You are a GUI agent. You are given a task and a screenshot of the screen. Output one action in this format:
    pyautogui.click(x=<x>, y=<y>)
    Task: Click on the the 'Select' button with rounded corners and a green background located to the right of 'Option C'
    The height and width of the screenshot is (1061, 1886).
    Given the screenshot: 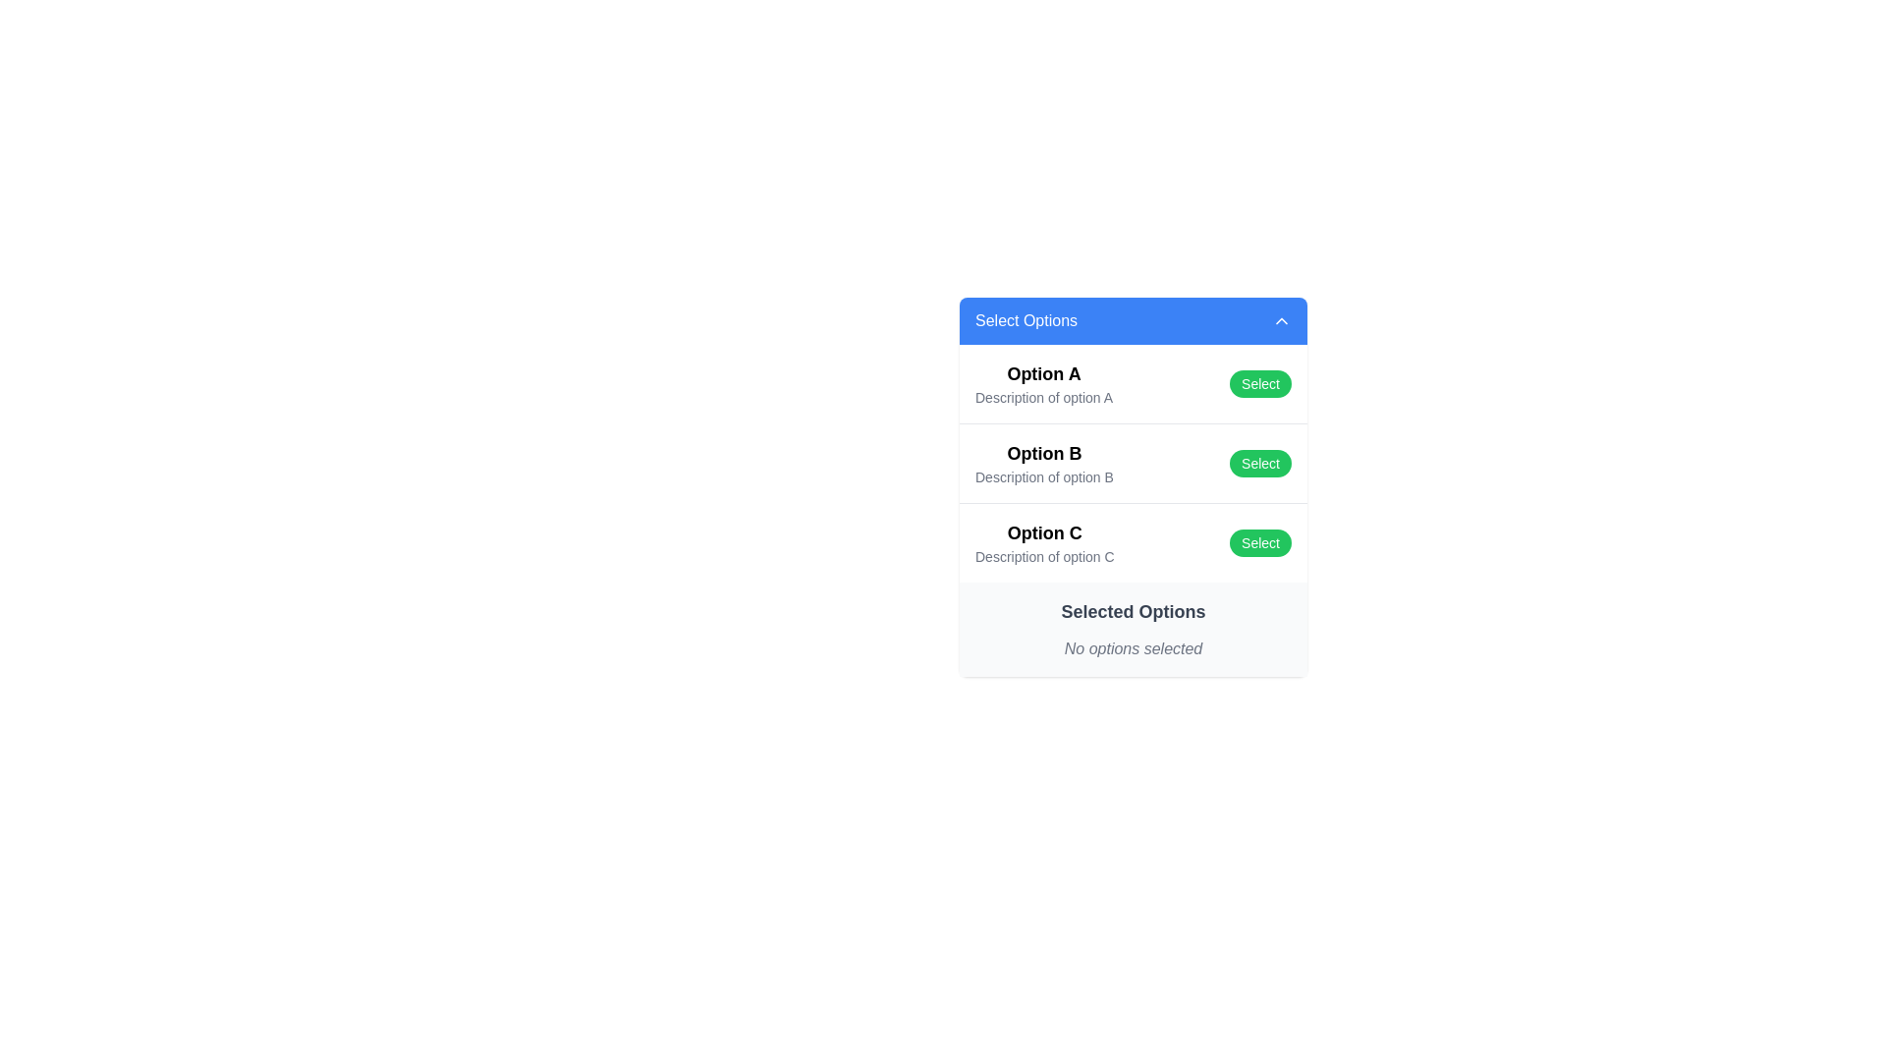 What is the action you would take?
    pyautogui.click(x=1260, y=542)
    